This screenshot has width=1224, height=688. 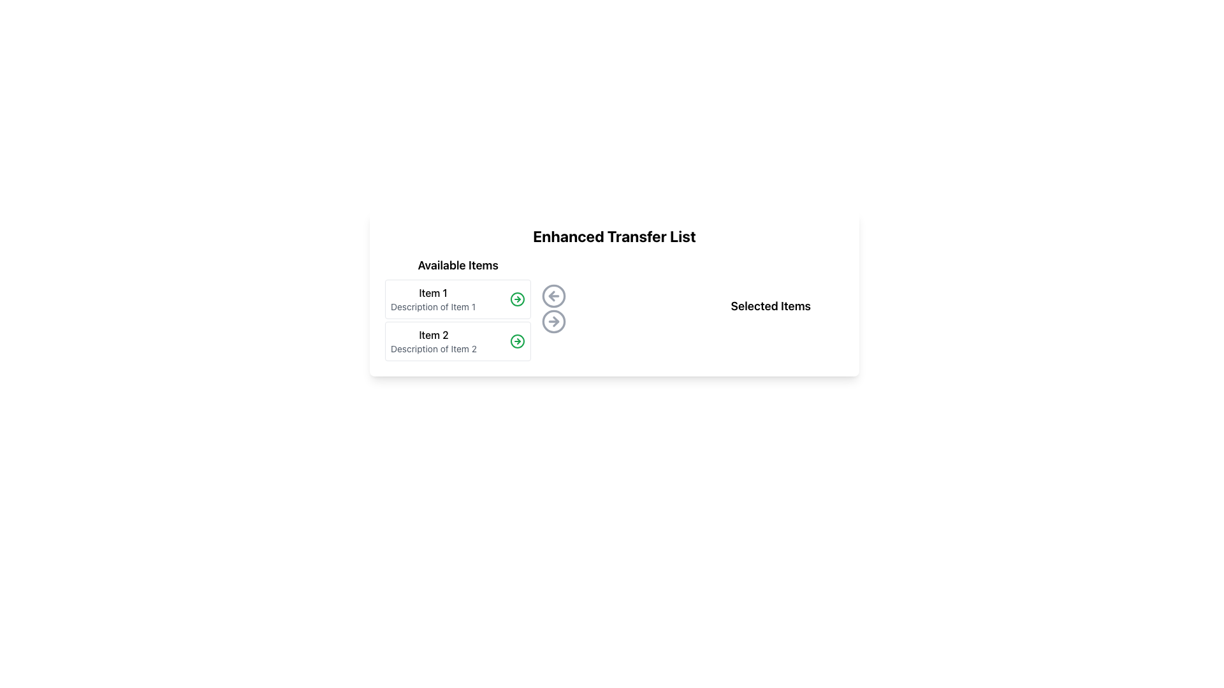 What do you see at coordinates (556, 321) in the screenshot?
I see `the bold arrow icon within the circular light gray button, which is the third icon in the horizontal panel between 'Available Items' and 'Selected Items'` at bounding box center [556, 321].